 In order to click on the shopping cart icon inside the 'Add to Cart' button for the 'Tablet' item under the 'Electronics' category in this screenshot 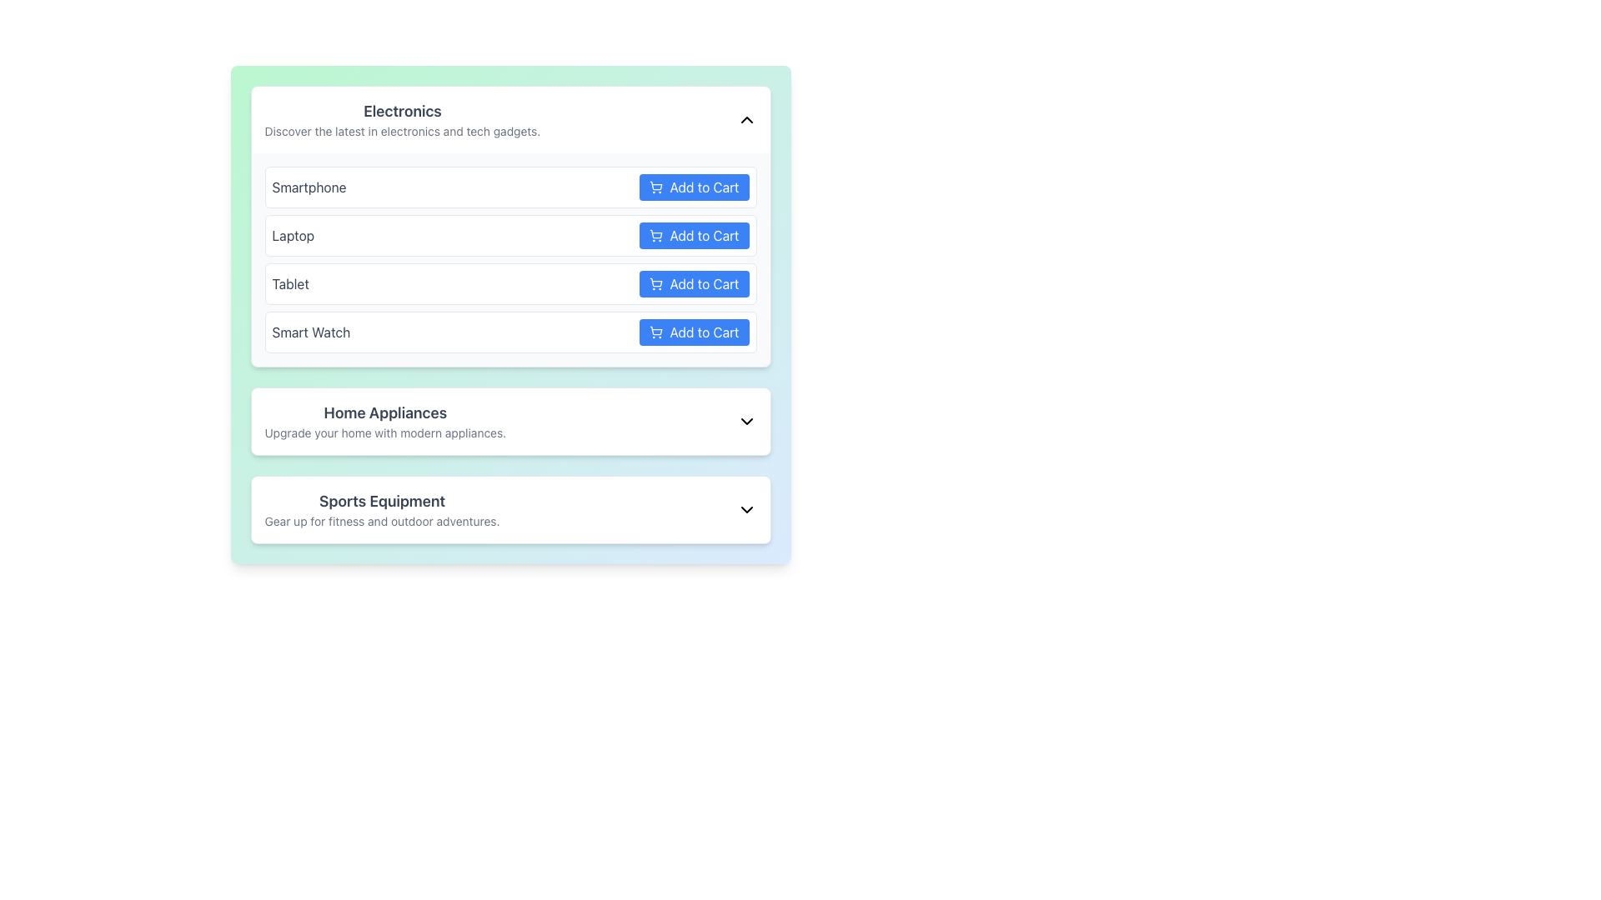, I will do `click(655, 282)`.